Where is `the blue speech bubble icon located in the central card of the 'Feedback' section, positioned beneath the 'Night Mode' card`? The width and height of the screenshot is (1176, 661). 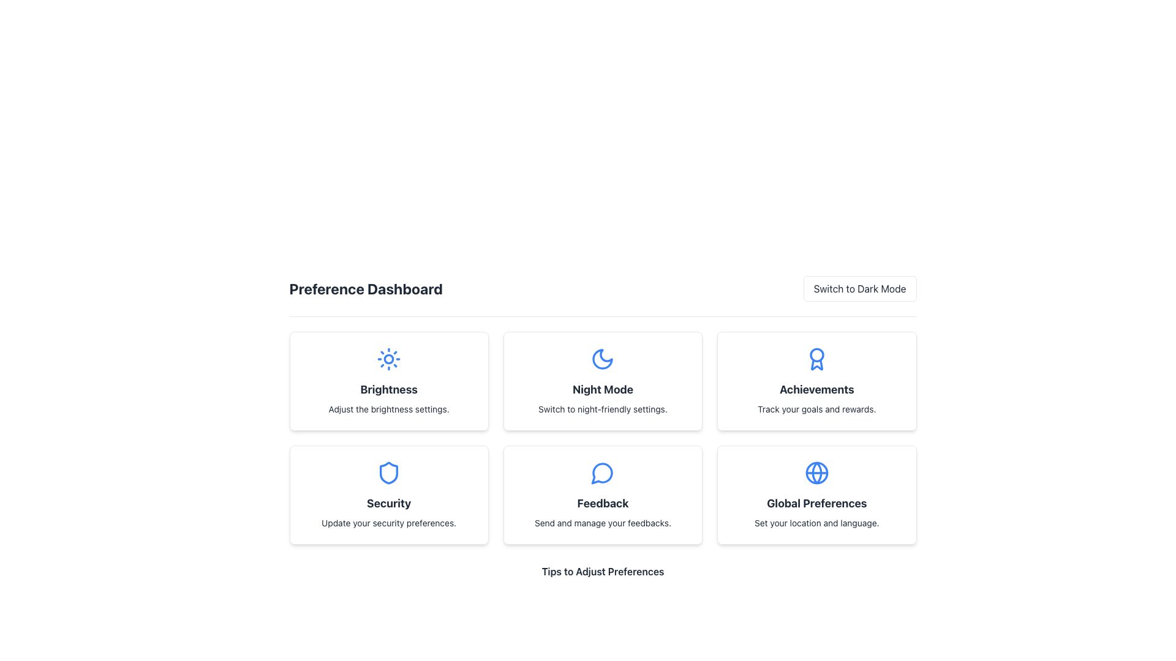 the blue speech bubble icon located in the central card of the 'Feedback' section, positioned beneath the 'Night Mode' card is located at coordinates (602, 472).